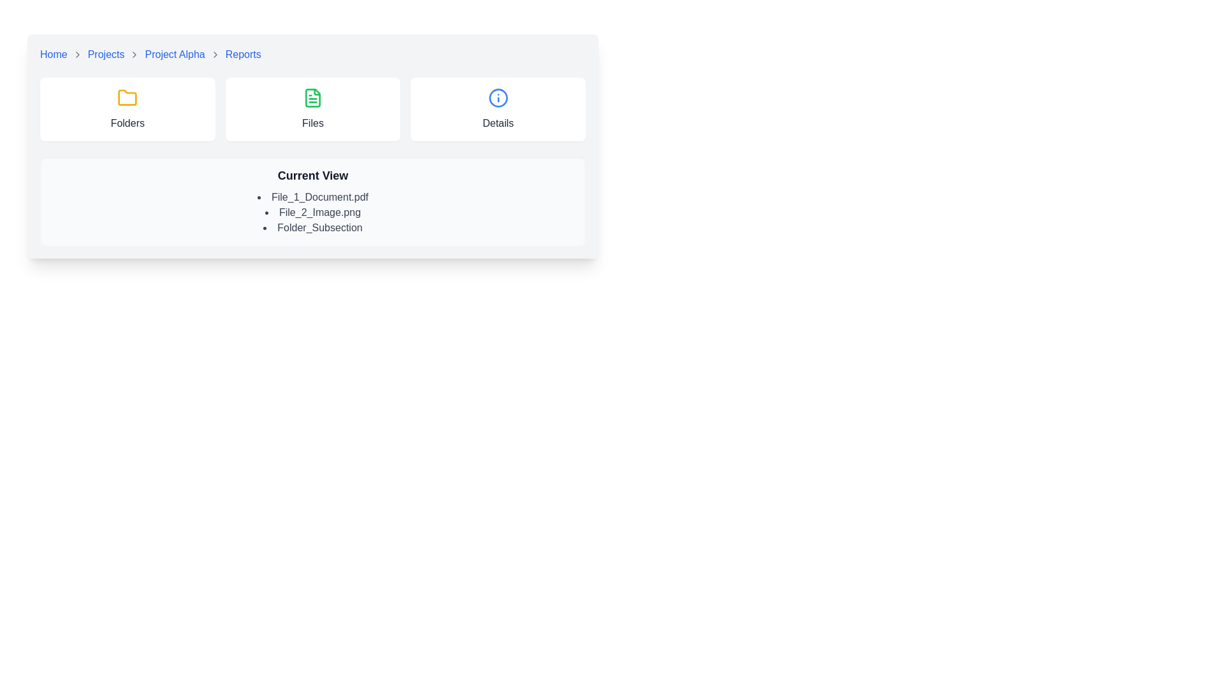  Describe the element at coordinates (312, 97) in the screenshot. I see `the green document icon located between the yellow folder icon labeled 'Folders' and the blue information icon labeled 'Details' in the upper section of the interface` at that location.